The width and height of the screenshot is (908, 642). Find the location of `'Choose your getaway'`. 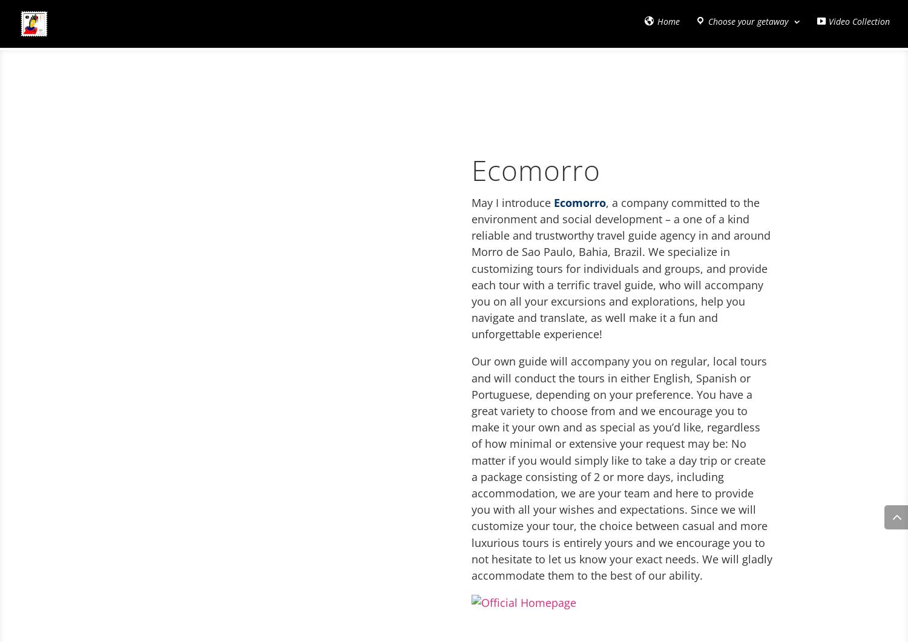

'Choose your getaway' is located at coordinates (746, 25).